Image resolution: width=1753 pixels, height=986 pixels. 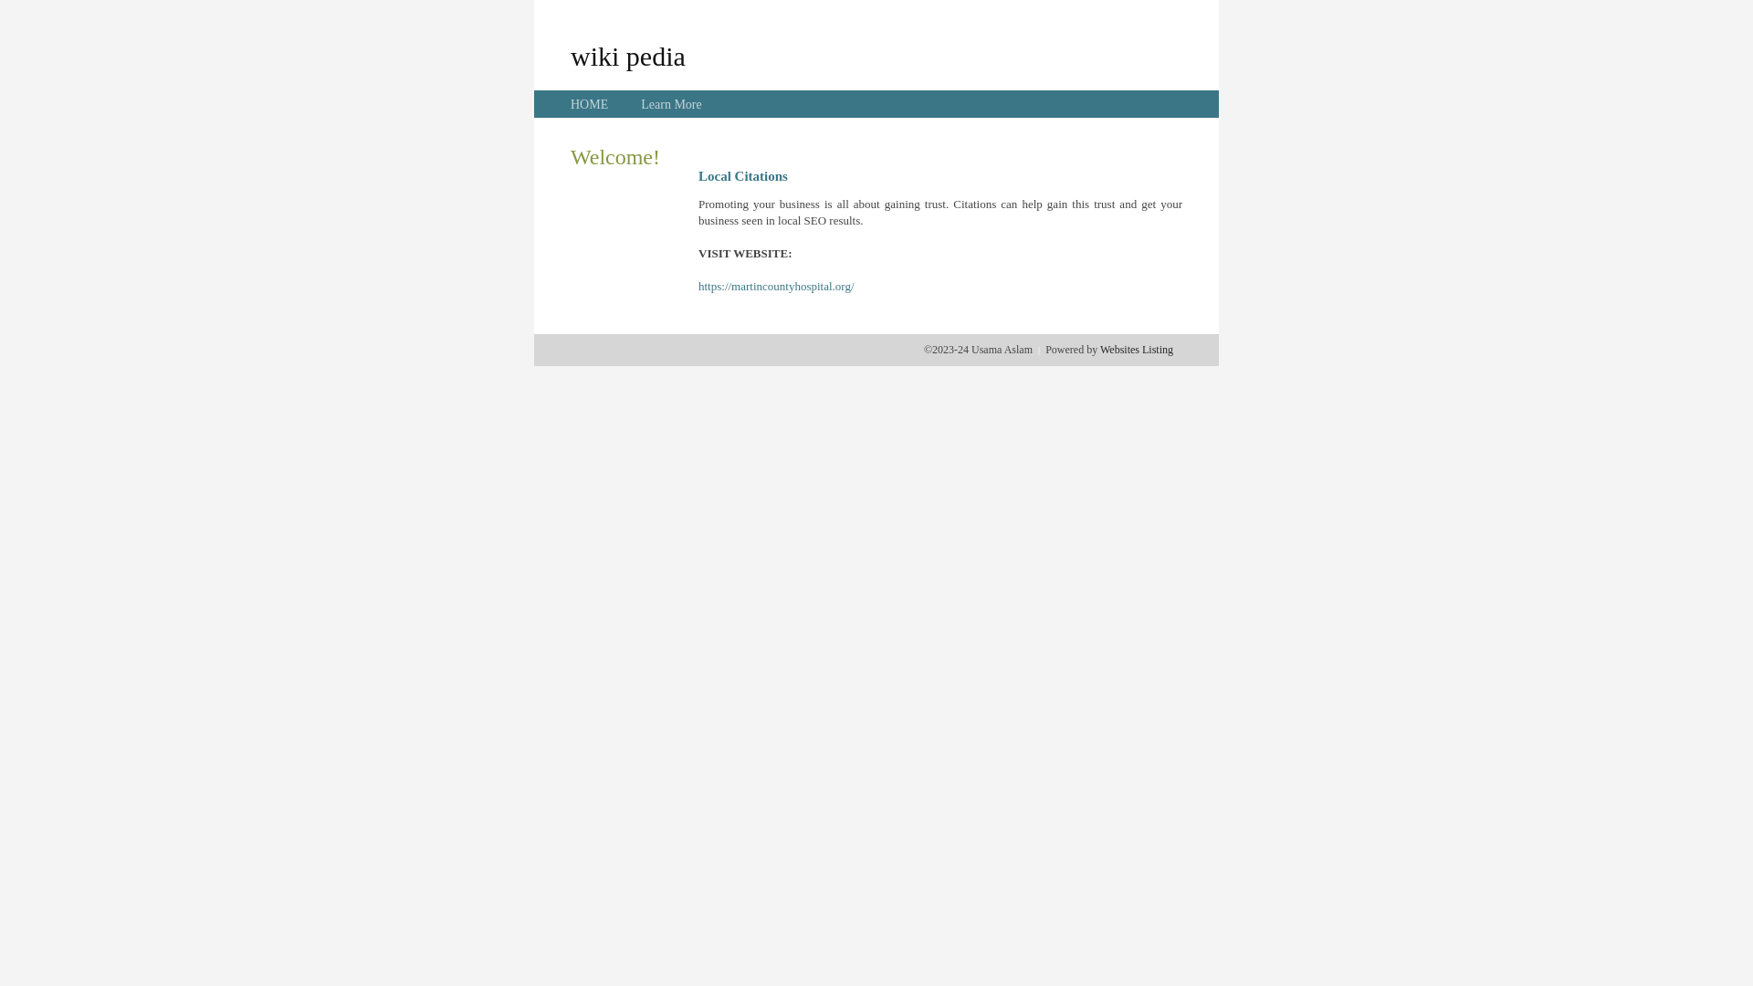 What do you see at coordinates (627, 55) in the screenshot?
I see `'wiki pedia'` at bounding box center [627, 55].